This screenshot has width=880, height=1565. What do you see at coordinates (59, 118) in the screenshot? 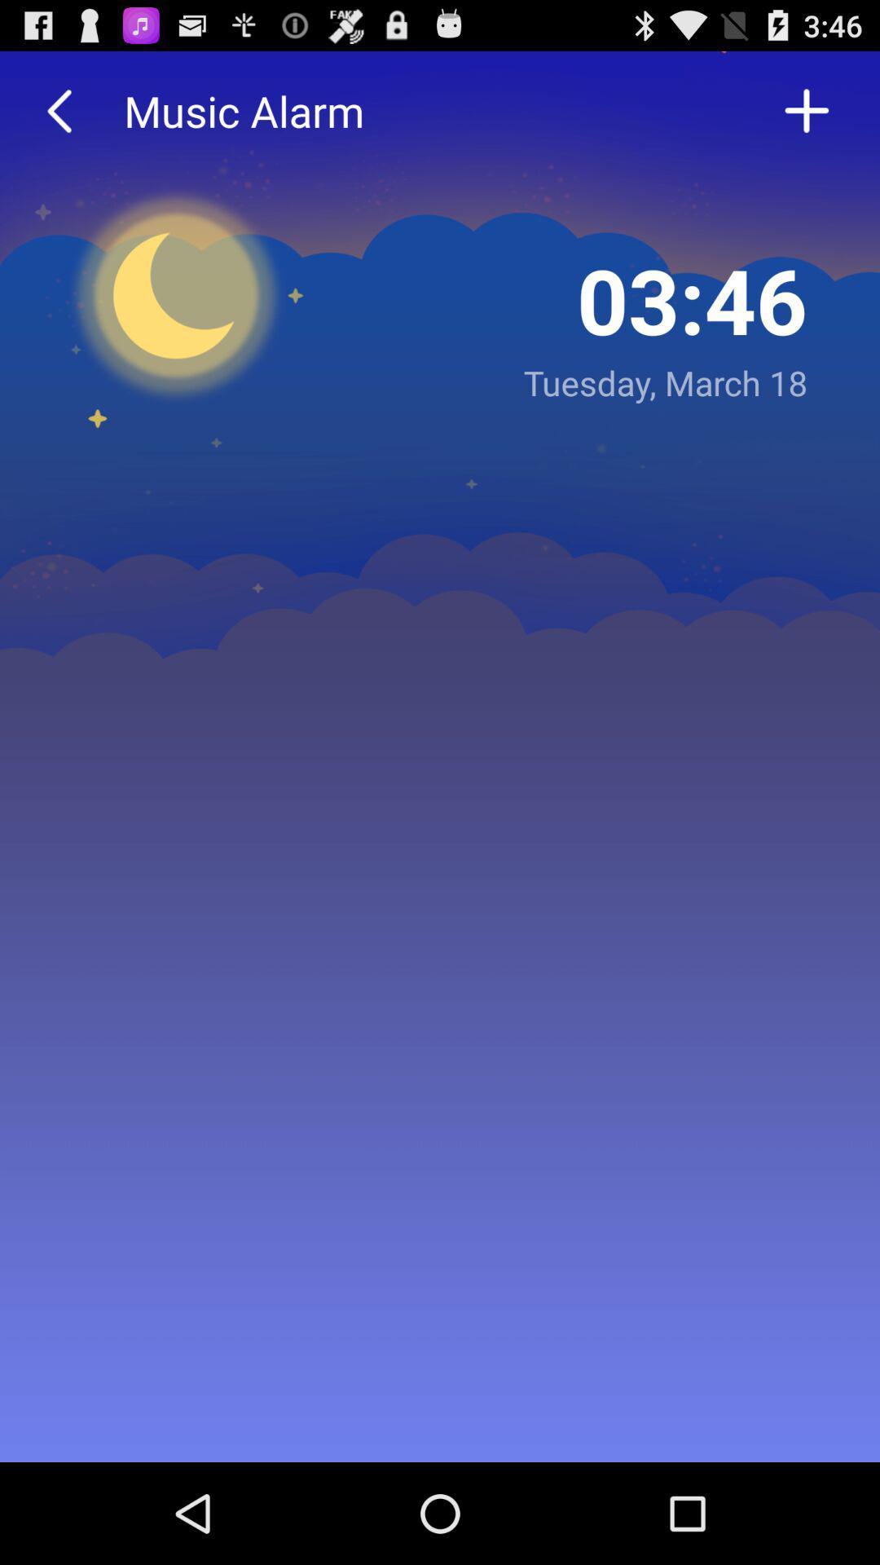
I see `the arrow_backward icon` at bounding box center [59, 118].